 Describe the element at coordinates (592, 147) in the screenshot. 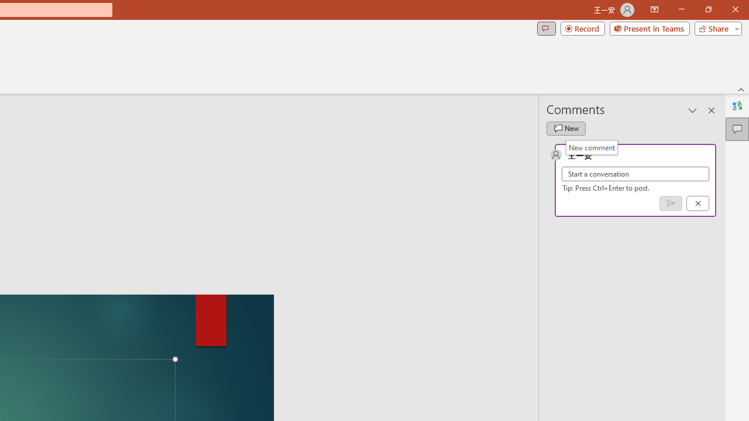

I see `'New comment'` at that location.